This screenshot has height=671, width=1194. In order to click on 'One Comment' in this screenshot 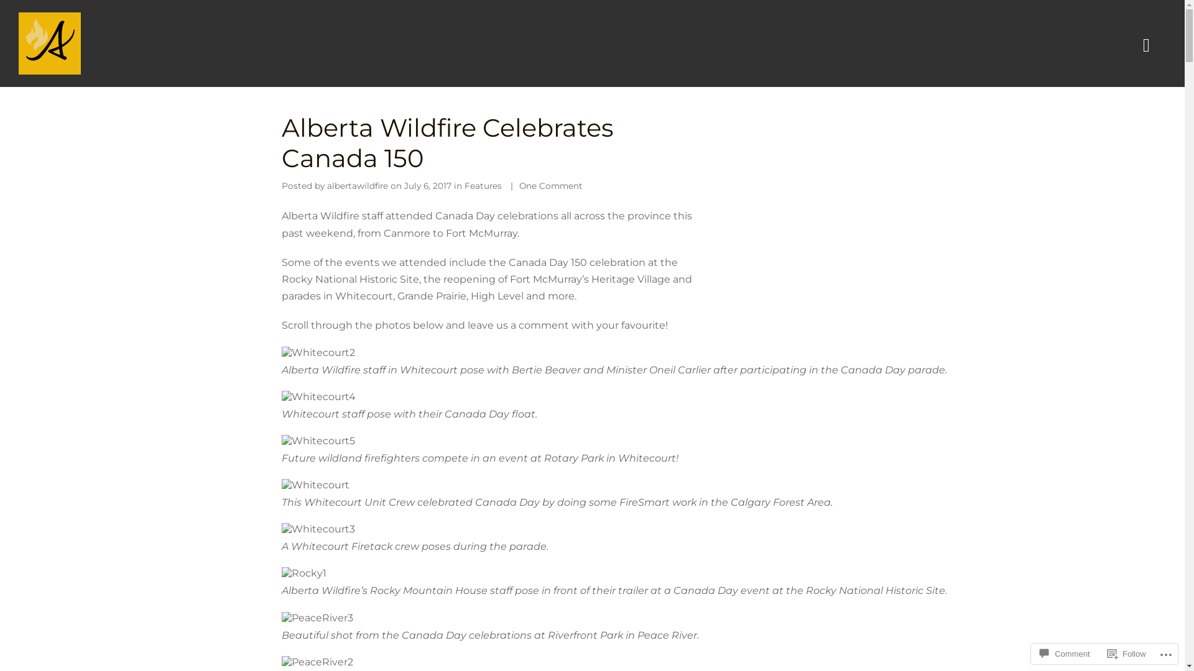, I will do `click(549, 186)`.